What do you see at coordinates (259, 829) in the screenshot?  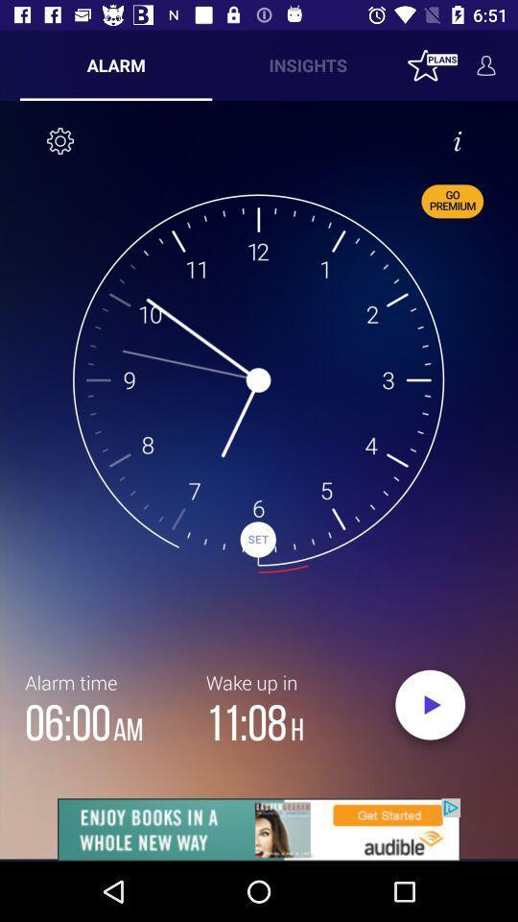 I see `more` at bounding box center [259, 829].